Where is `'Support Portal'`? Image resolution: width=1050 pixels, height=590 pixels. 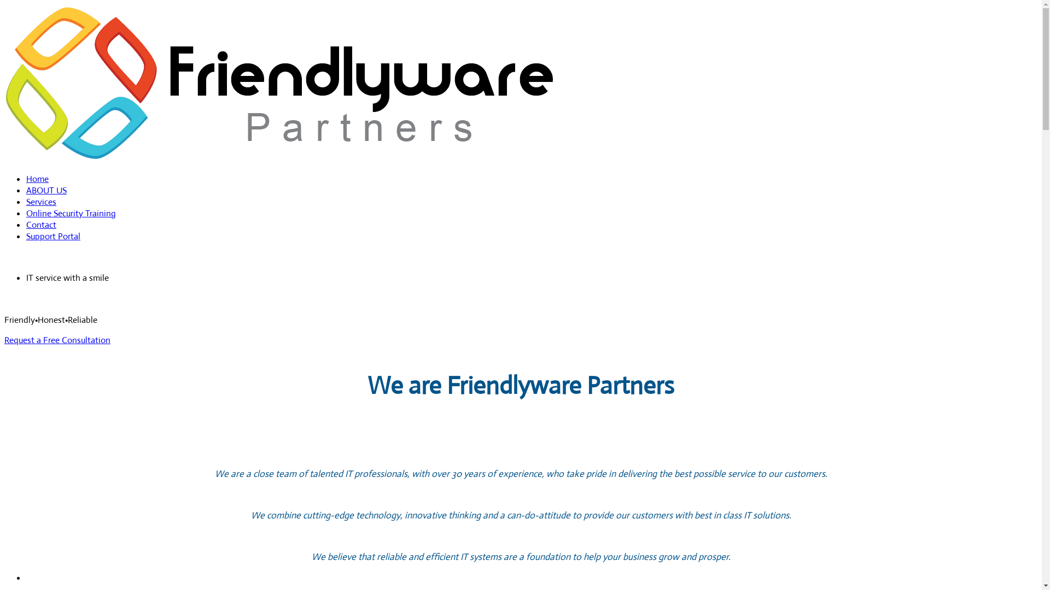 'Support Portal' is located at coordinates (52, 235).